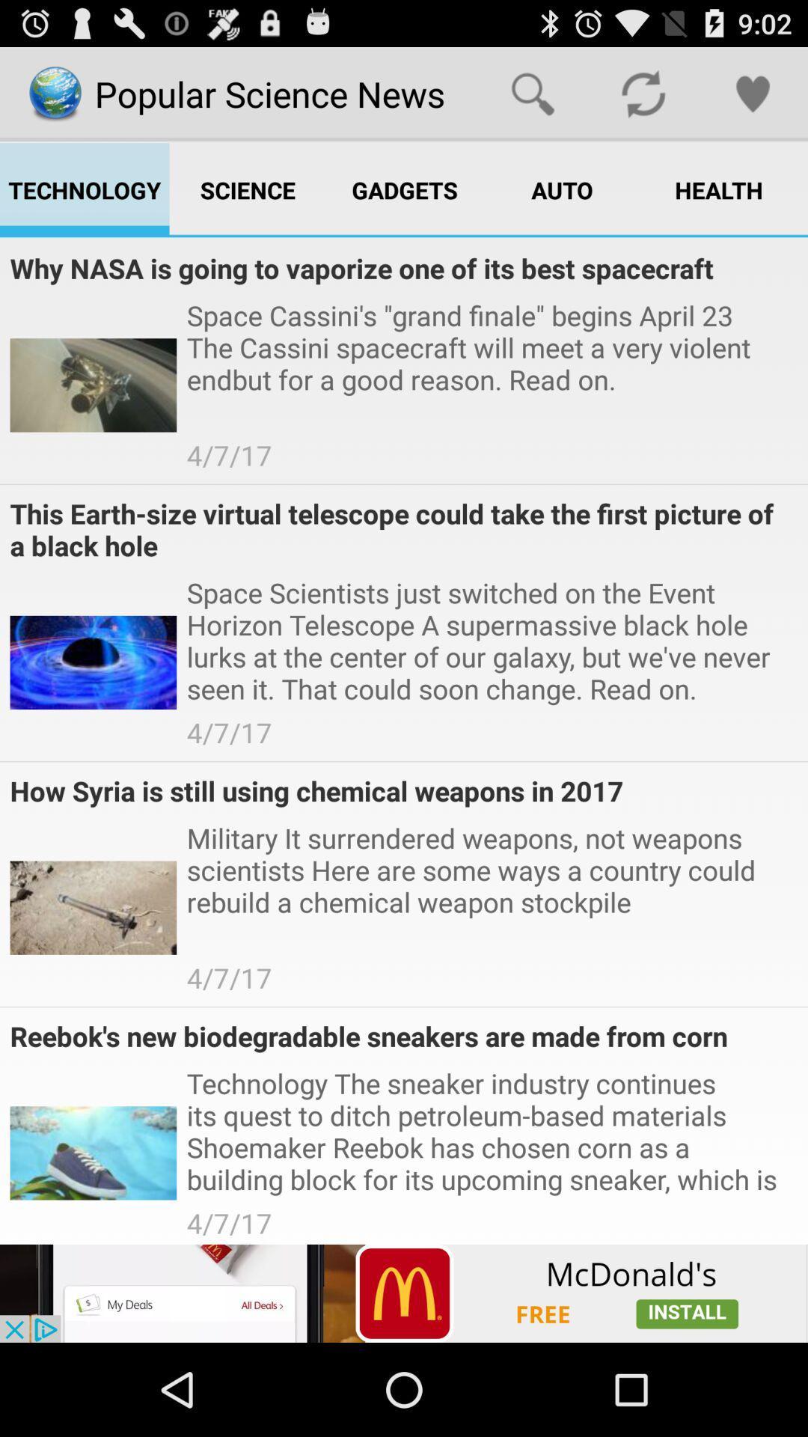 The height and width of the screenshot is (1437, 808). I want to click on advertisement, so click(404, 1293).